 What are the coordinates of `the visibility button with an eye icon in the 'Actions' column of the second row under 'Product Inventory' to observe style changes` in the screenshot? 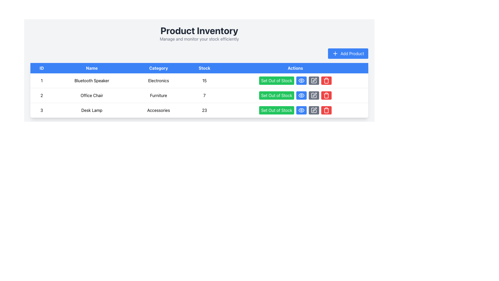 It's located at (301, 95).